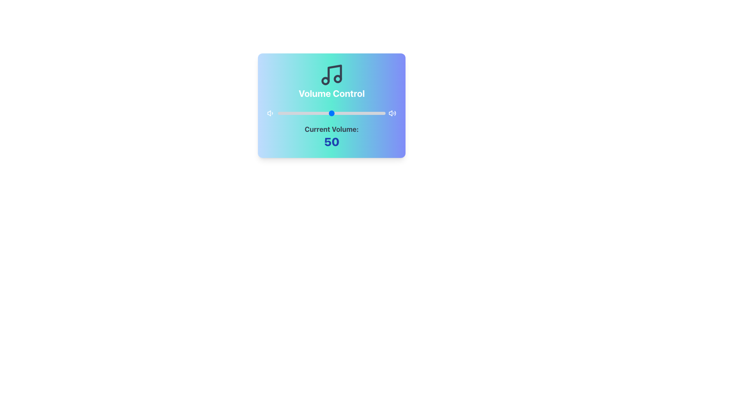 The image size is (738, 415). Describe the element at coordinates (298, 113) in the screenshot. I see `the volume` at that location.